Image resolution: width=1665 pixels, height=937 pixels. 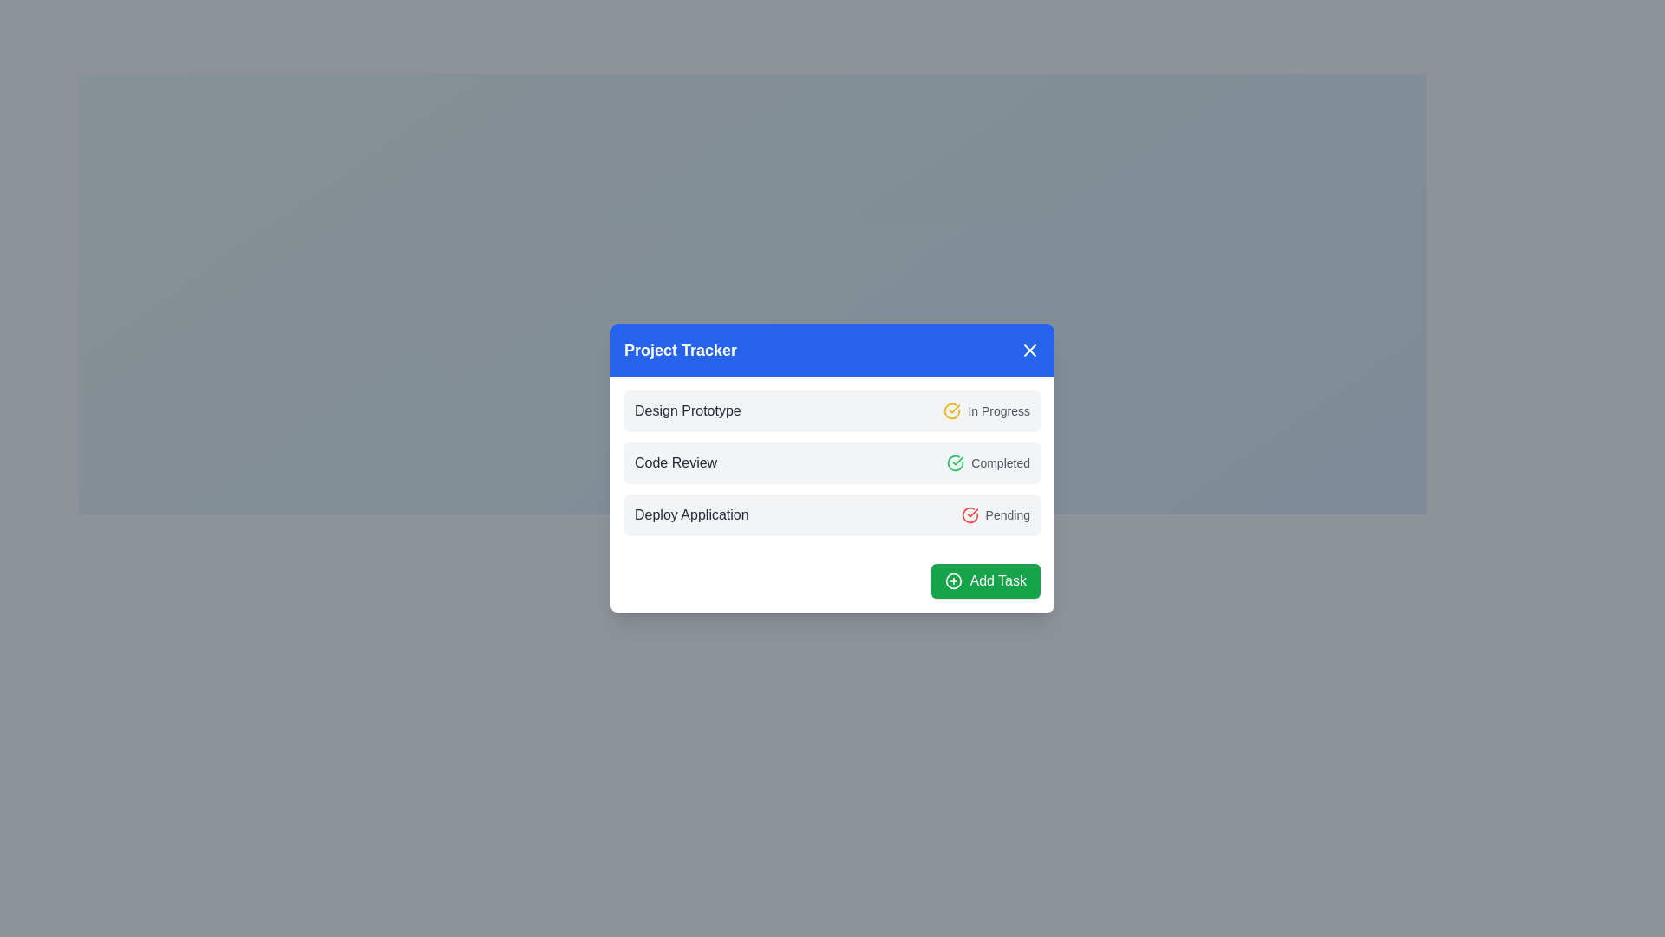 I want to click on details of the Task status display card labeled 'Deploy Application', which is the third item in the Project Tracker list and has a status of 'Pending', so click(x=832, y=514).